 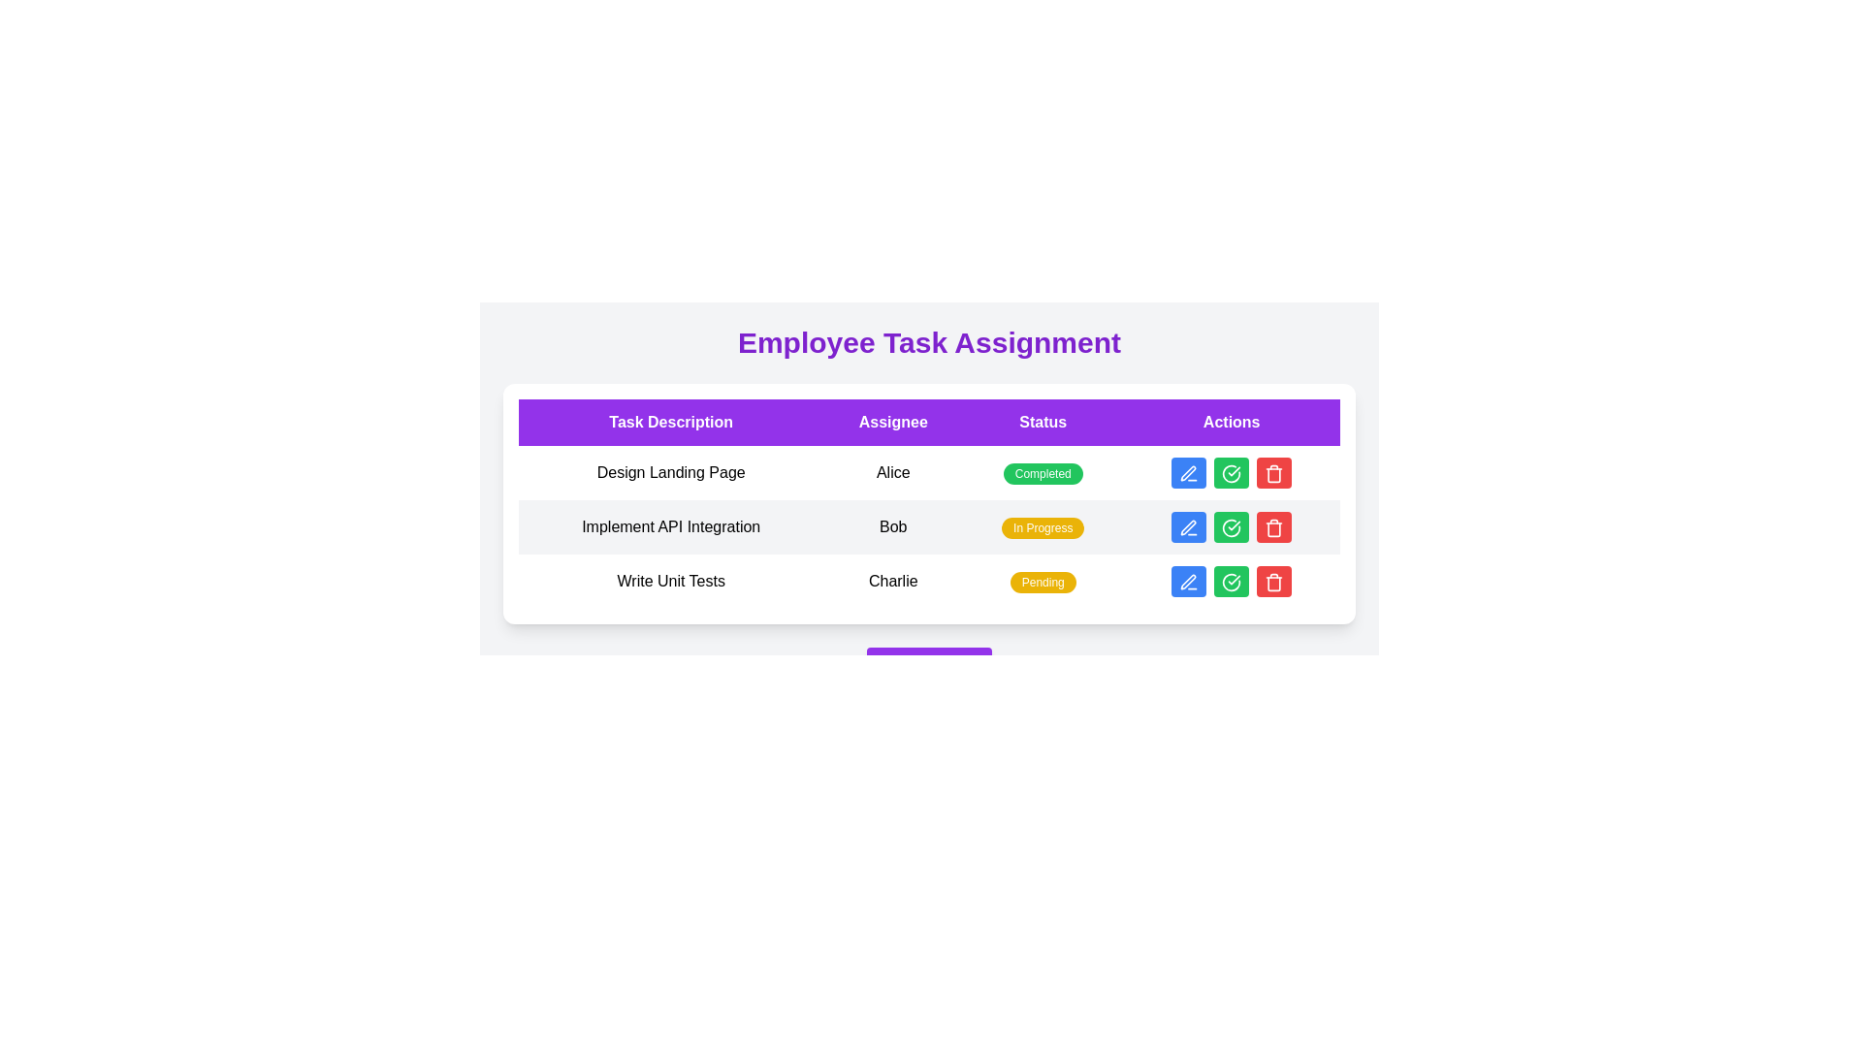 What do you see at coordinates (892, 473) in the screenshot?
I see `text of the Text Label located in the second column of the first row of the 'Employee Task Assignment' interface` at bounding box center [892, 473].